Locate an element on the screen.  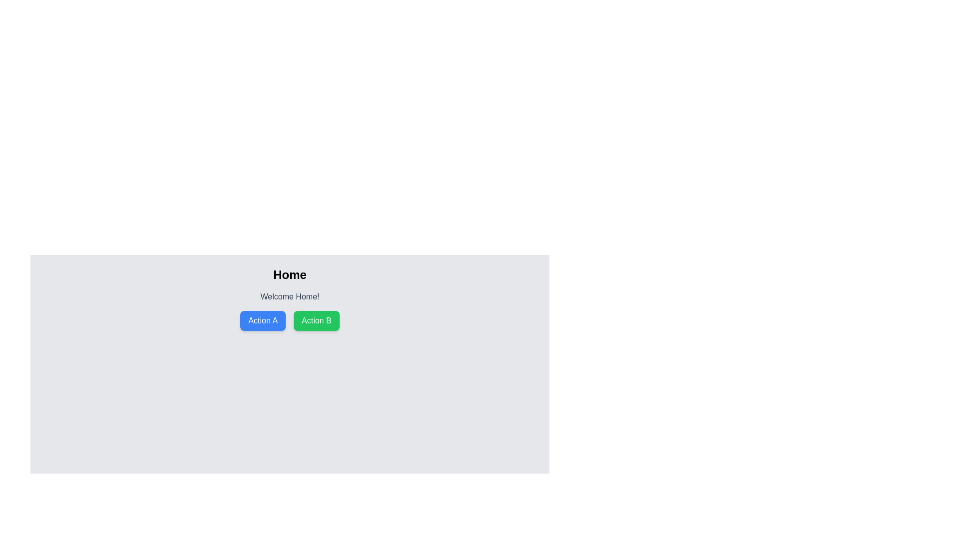
the blue button labeled 'Action A' with white text and rounded corners is located at coordinates (263, 321).